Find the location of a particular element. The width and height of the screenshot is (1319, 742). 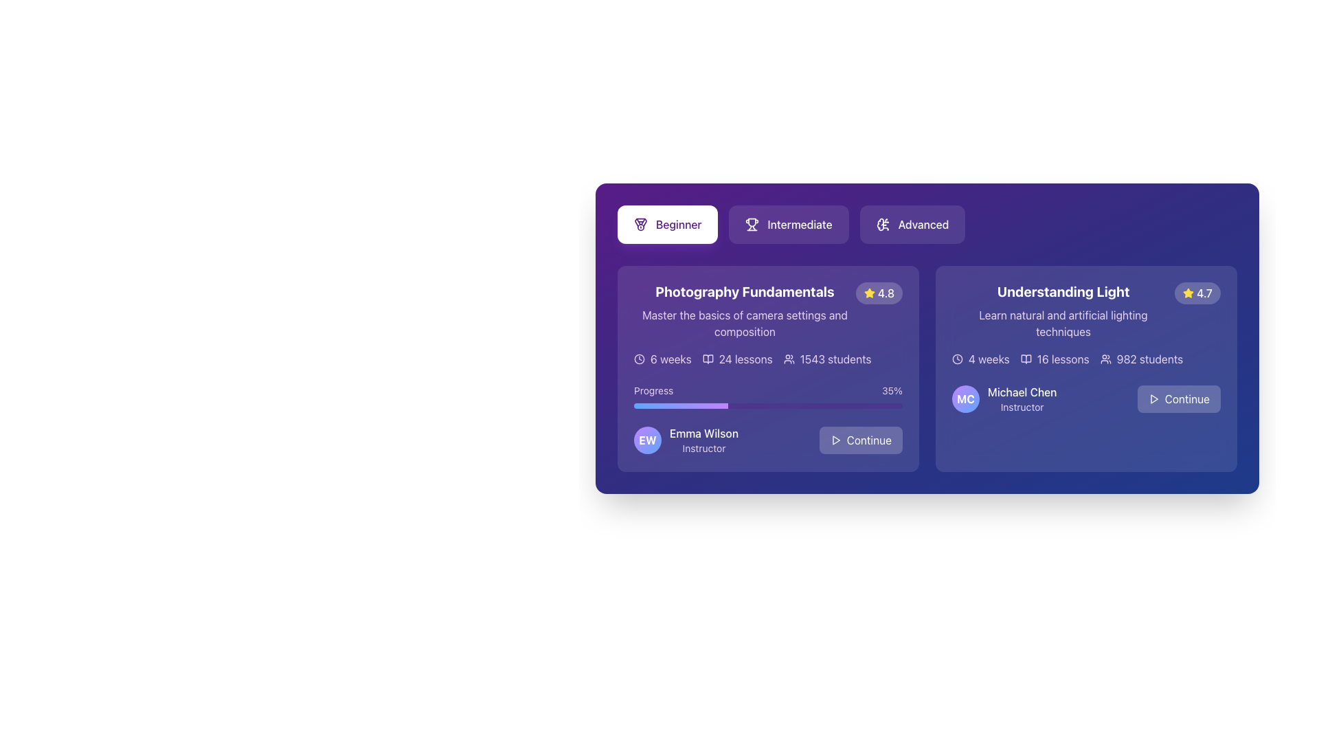

the triangular play button icon, which is styled with a simple outline and contained within a circular boundary is located at coordinates (1154, 399).